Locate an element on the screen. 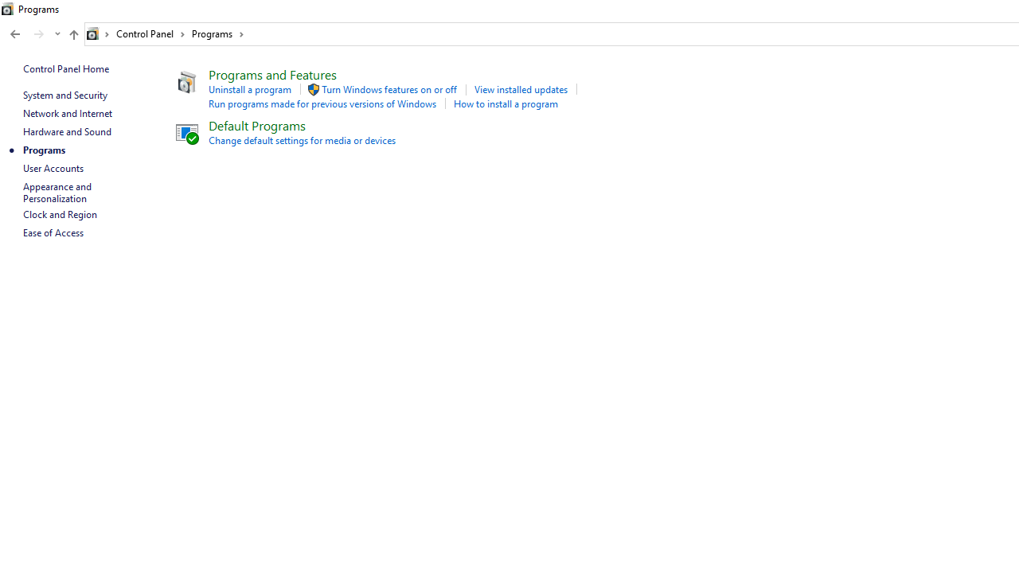 The image size is (1019, 573). 'Up band toolbar' is located at coordinates (72, 36).